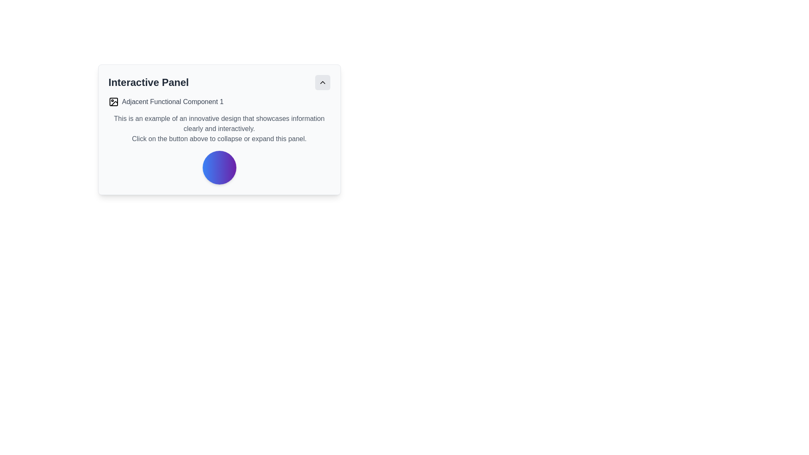 The width and height of the screenshot is (809, 455). Describe the element at coordinates (322, 83) in the screenshot. I see `the chevron icon at the top-right corner of the 'Interactive Panel' card` at that location.